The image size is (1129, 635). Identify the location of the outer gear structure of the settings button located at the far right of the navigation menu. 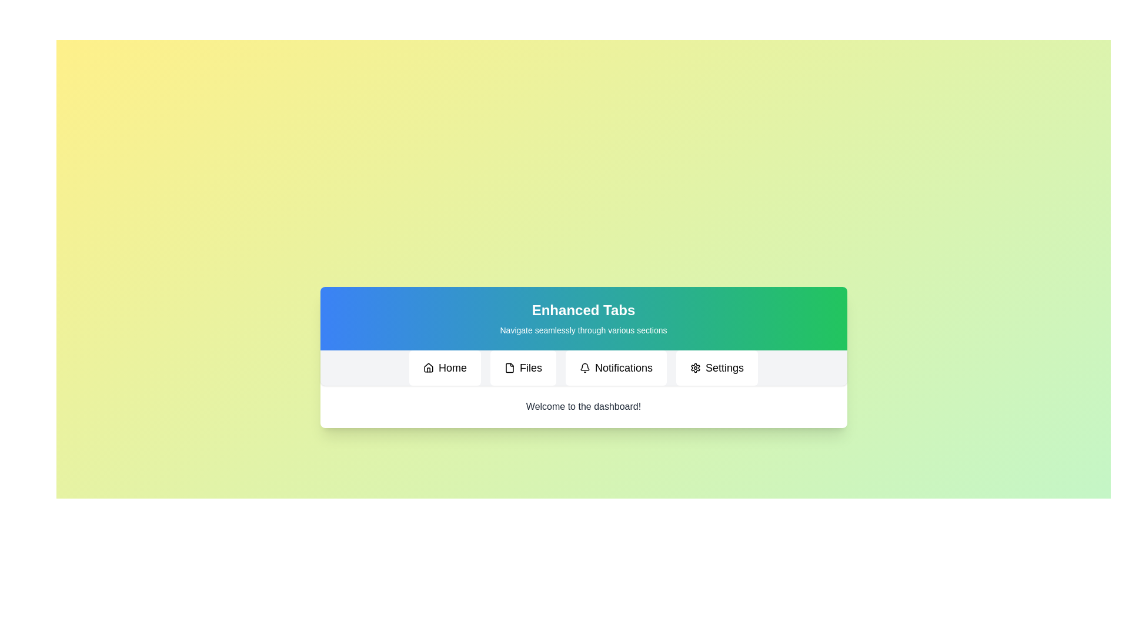
(696, 367).